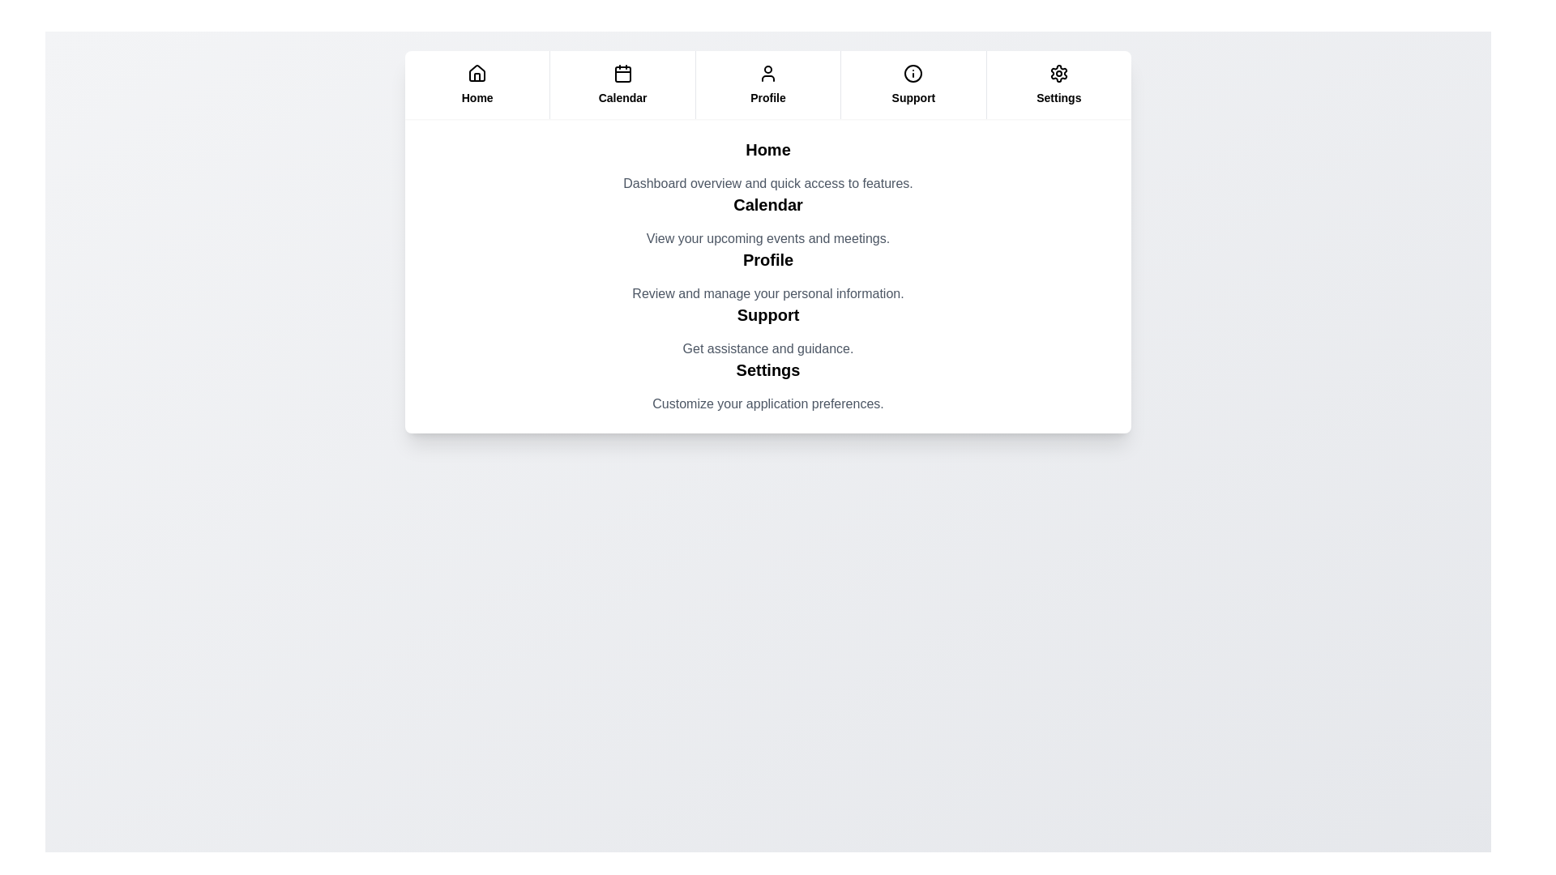 This screenshot has width=1556, height=875. Describe the element at coordinates (477, 74) in the screenshot. I see `the house icon in the navigation bar at the top of the interface` at that location.